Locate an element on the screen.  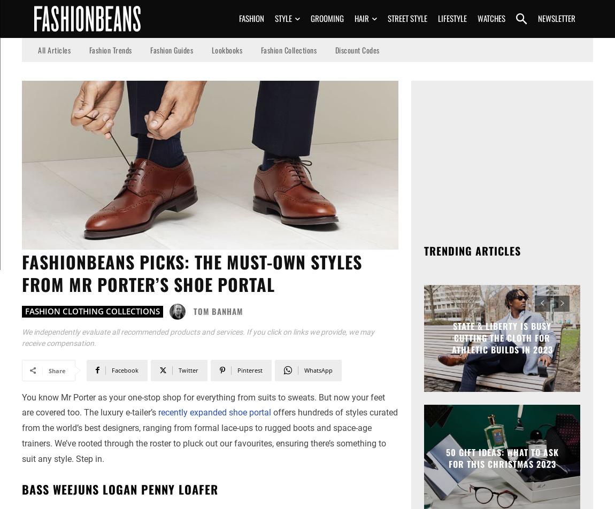
'Facebook' is located at coordinates (125, 369).